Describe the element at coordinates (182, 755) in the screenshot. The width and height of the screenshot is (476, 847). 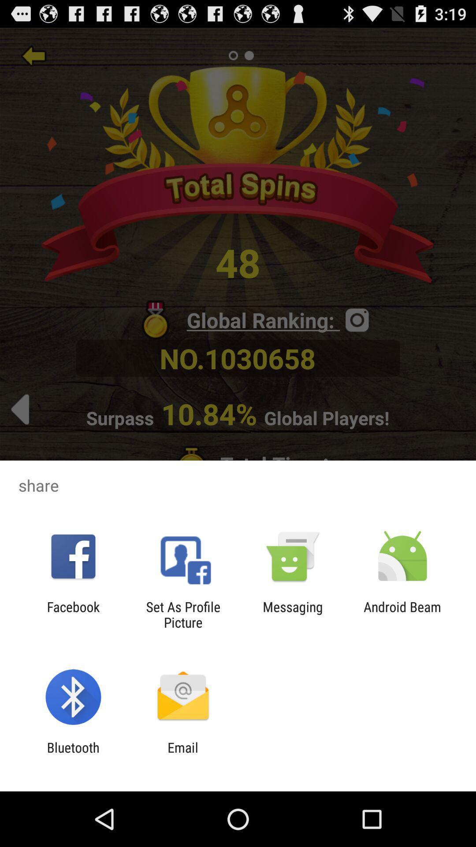
I see `the item next to bluetooth app` at that location.